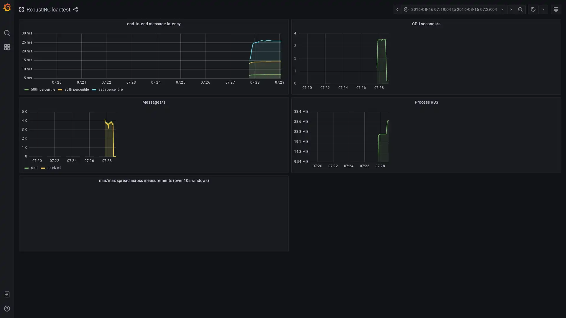 Image resolution: width=566 pixels, height=318 pixels. I want to click on Cycle view mode, so click(556, 9).